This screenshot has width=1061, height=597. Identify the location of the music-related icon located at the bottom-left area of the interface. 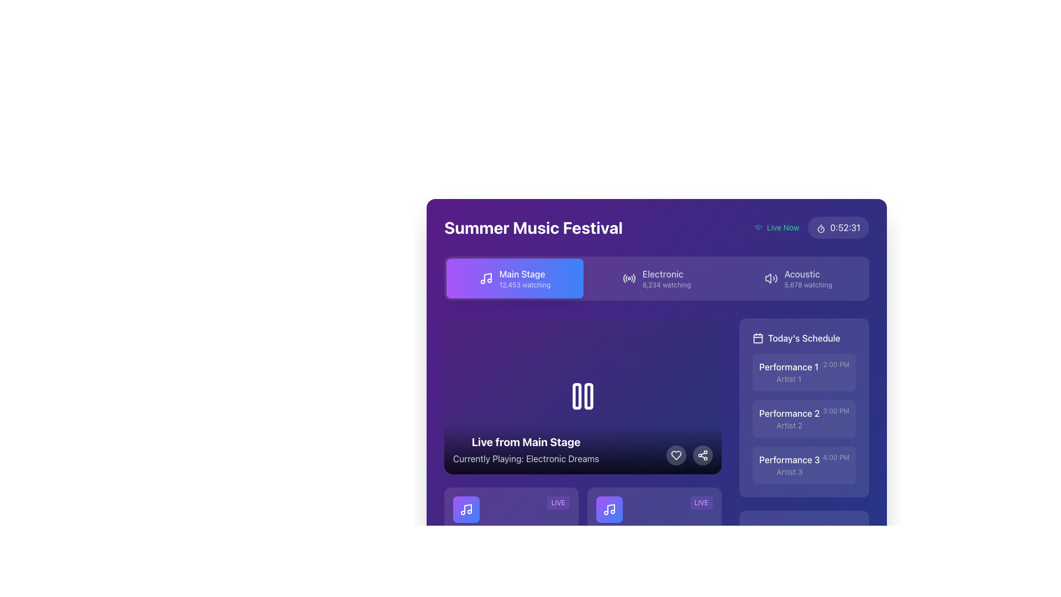
(466, 509).